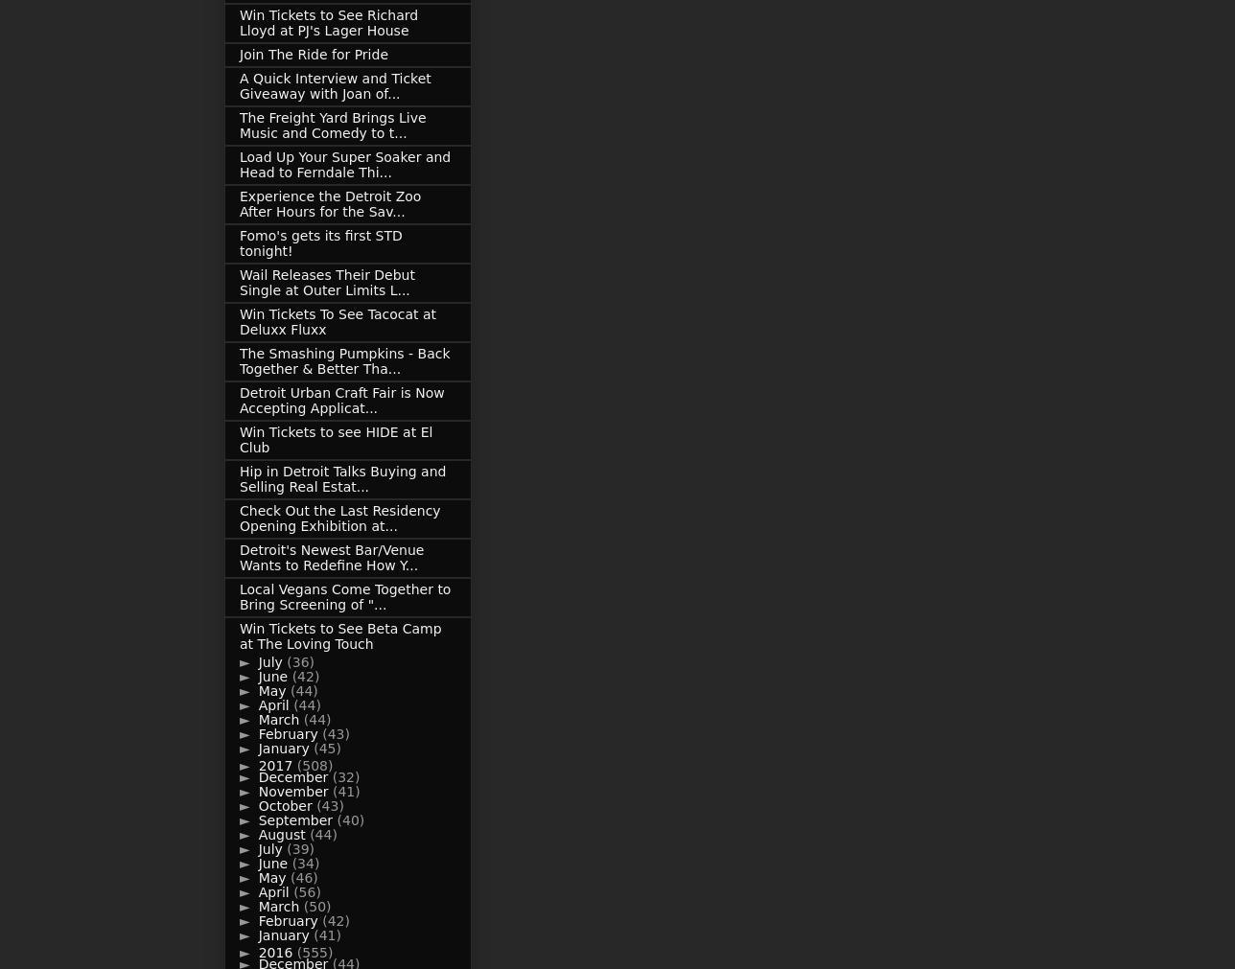 The width and height of the screenshot is (1235, 969). Describe the element at coordinates (332, 125) in the screenshot. I see `'The Freight Yard Brings Live Music and Comedy to t...'` at that location.